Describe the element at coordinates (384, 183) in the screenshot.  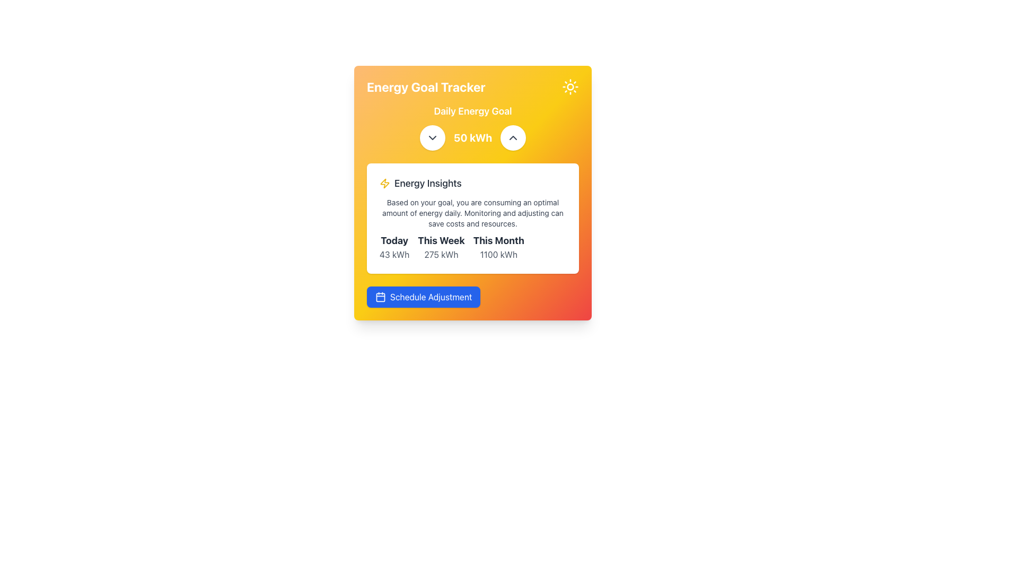
I see `the decorative energy icon located in the top-right corner adjacent to the 'Energy Goal Tracker' title` at that location.